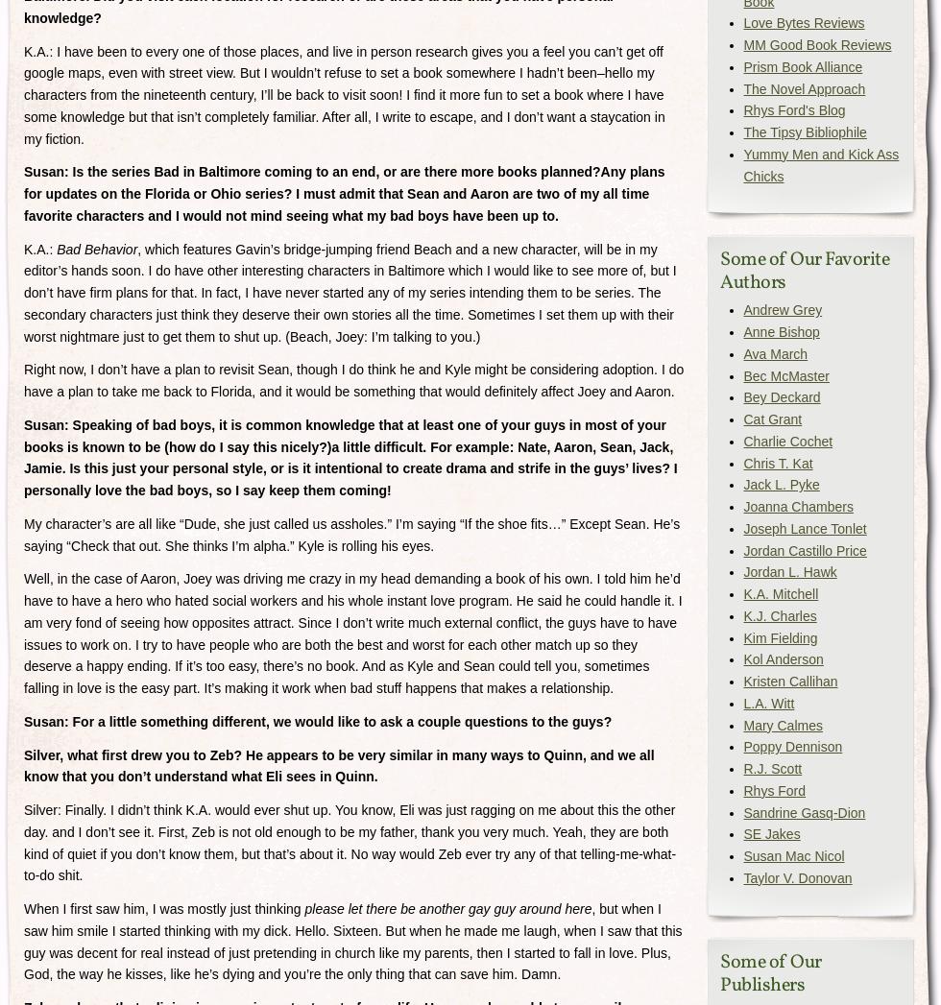  I want to click on 'K.A.:', so click(23, 249).